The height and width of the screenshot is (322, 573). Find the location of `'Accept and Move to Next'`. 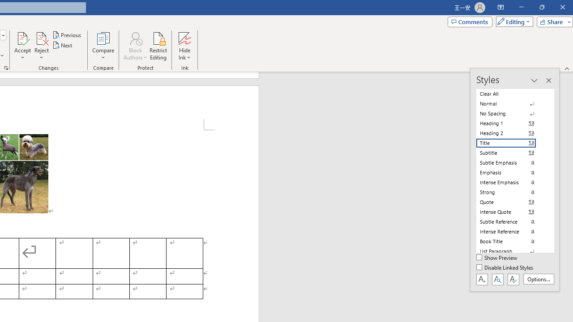

'Accept and Move to Next' is located at coordinates (22, 38).